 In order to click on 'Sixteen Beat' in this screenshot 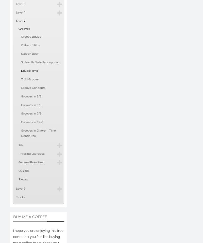, I will do `click(29, 54)`.